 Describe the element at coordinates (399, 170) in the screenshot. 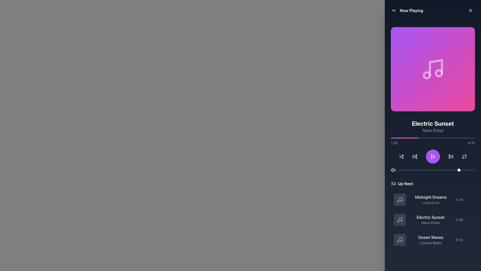

I see `the volume slider` at that location.